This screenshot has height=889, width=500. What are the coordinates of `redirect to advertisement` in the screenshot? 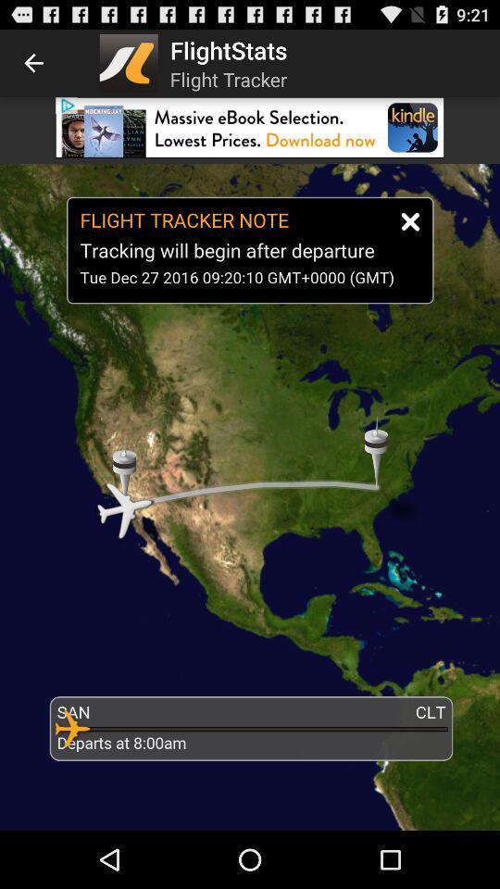 It's located at (250, 126).